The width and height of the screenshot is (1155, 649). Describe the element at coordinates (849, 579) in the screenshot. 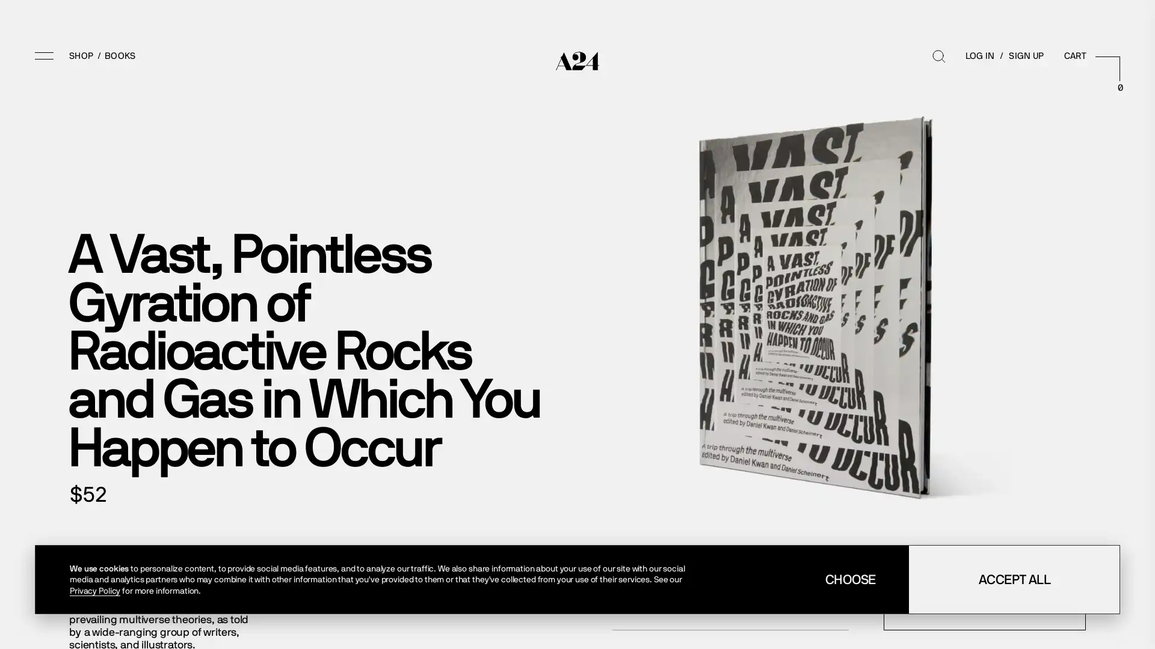

I see `CHOOSE` at that location.